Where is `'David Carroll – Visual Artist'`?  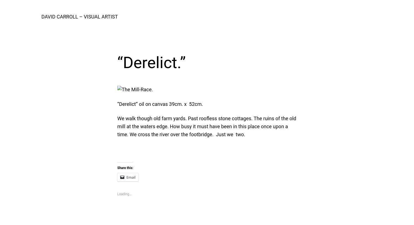 'David Carroll – Visual Artist' is located at coordinates (79, 16).